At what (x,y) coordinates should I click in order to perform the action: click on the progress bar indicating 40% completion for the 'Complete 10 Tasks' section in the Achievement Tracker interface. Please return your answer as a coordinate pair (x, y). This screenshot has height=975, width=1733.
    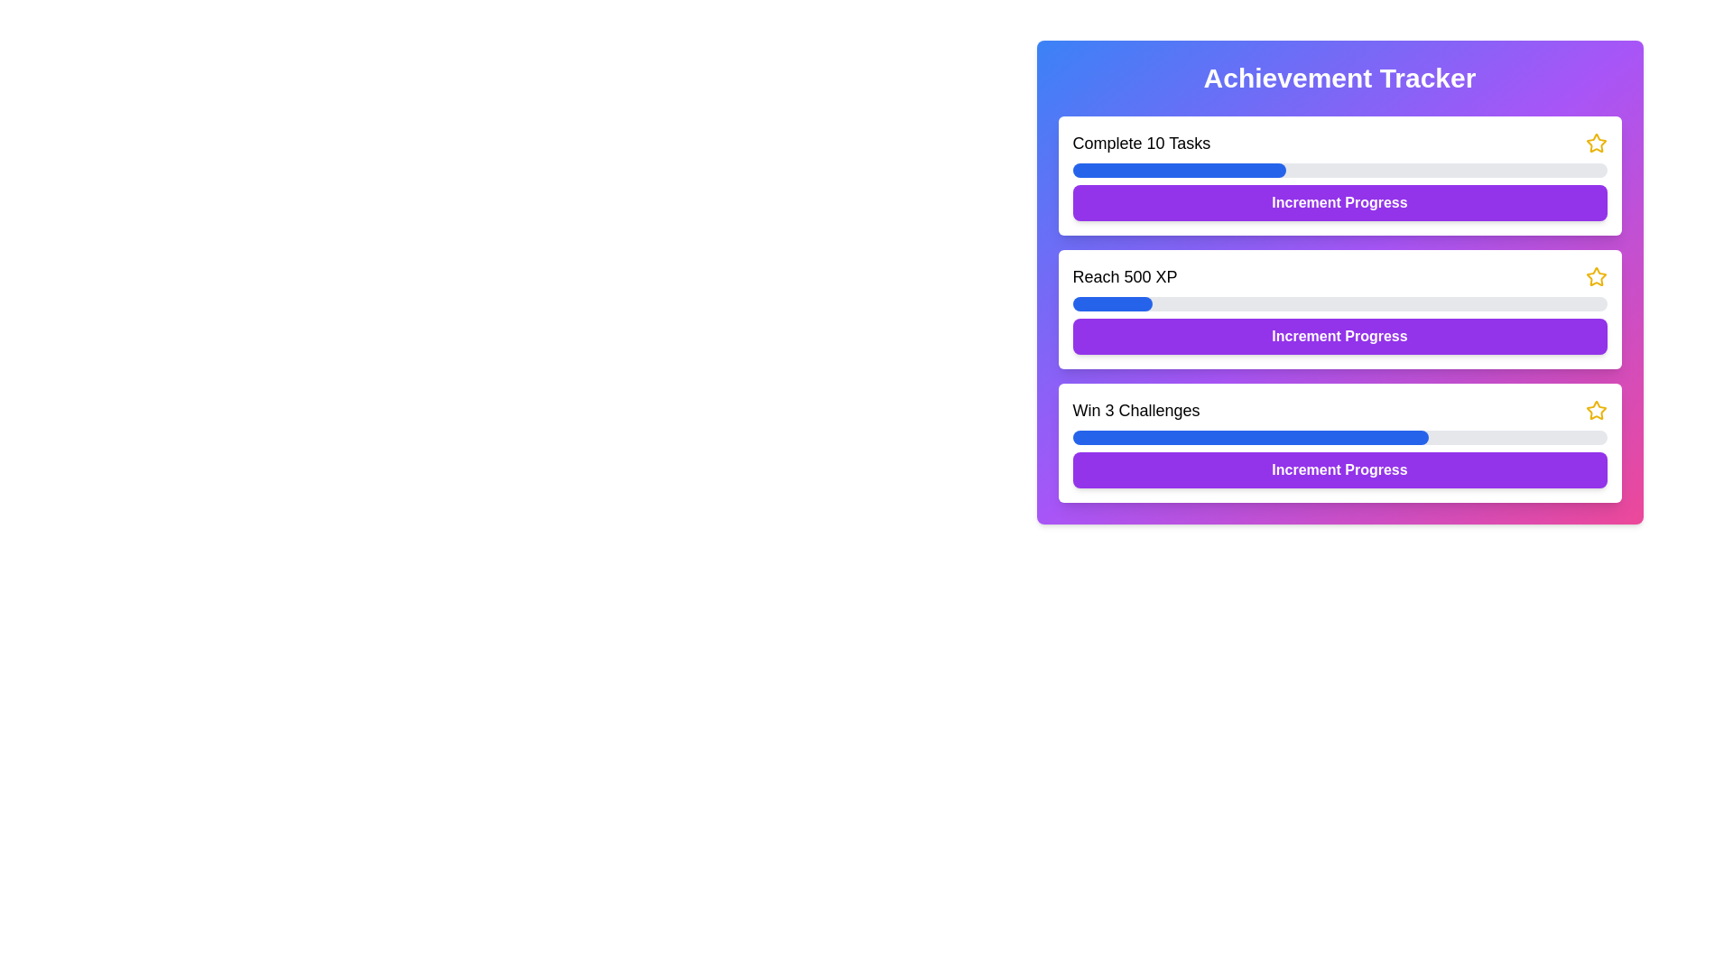
    Looking at the image, I should click on (1179, 171).